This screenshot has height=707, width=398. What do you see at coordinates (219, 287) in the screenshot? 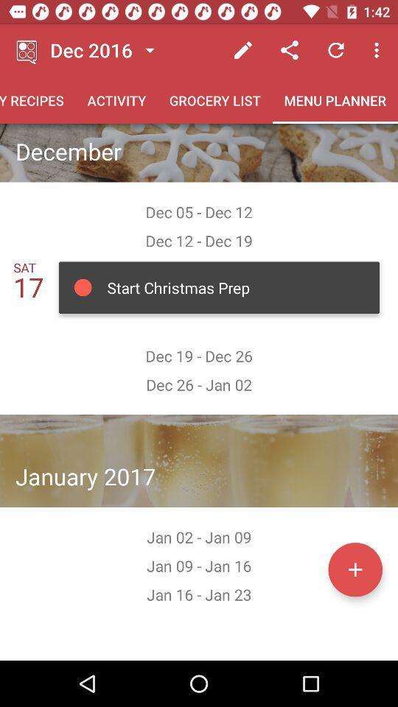
I see `the button below dec 12  dec 19` at bounding box center [219, 287].